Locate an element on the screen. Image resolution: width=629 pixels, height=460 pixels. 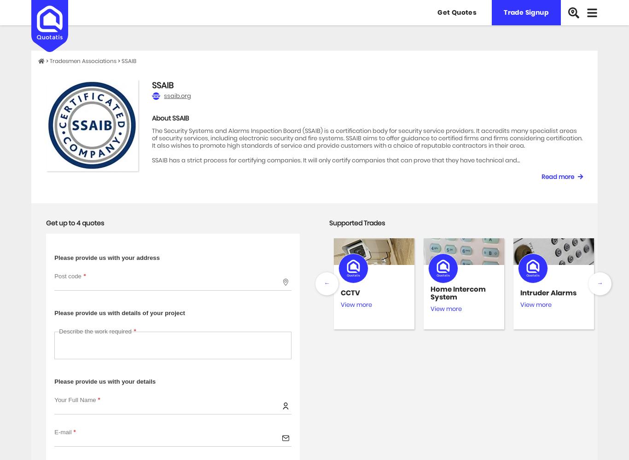
'Security Gates' is located at coordinates (250, 293).